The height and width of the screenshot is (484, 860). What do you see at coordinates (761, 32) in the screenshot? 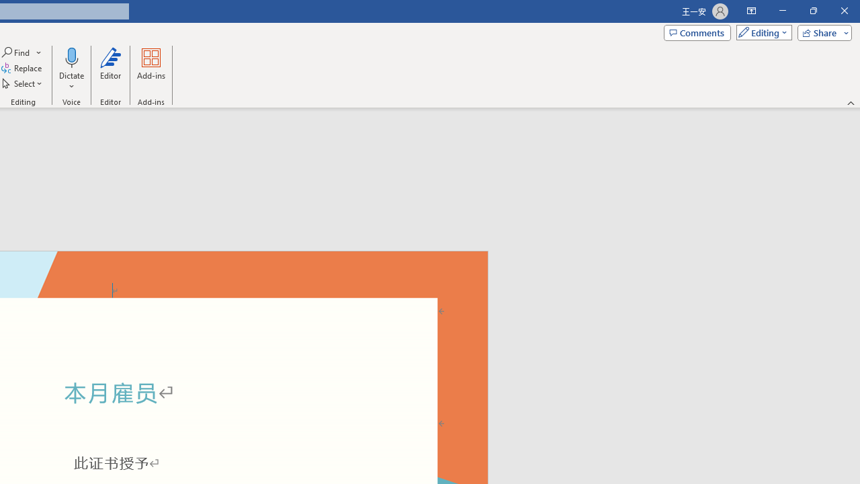
I see `'Mode'` at bounding box center [761, 32].